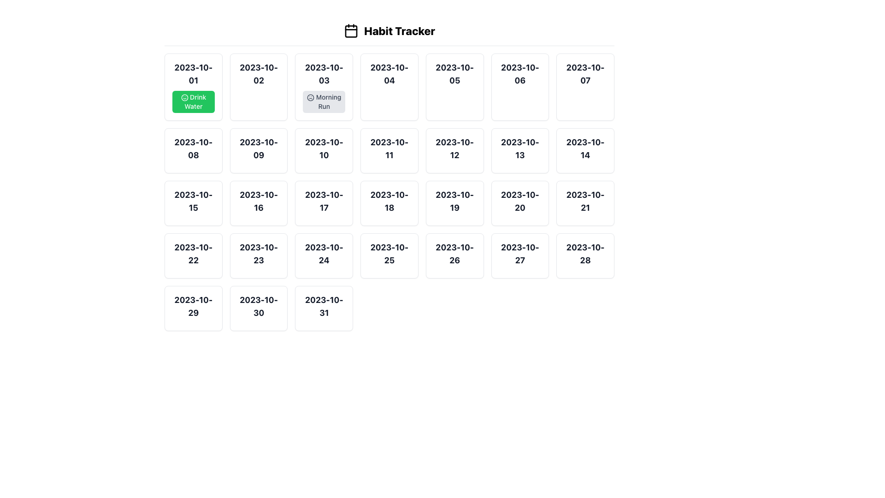  Describe the element at coordinates (258, 202) in the screenshot. I see `the light gray square button displaying '2023-10-16', located in the third row and third column of a seven-column grid layout` at that location.